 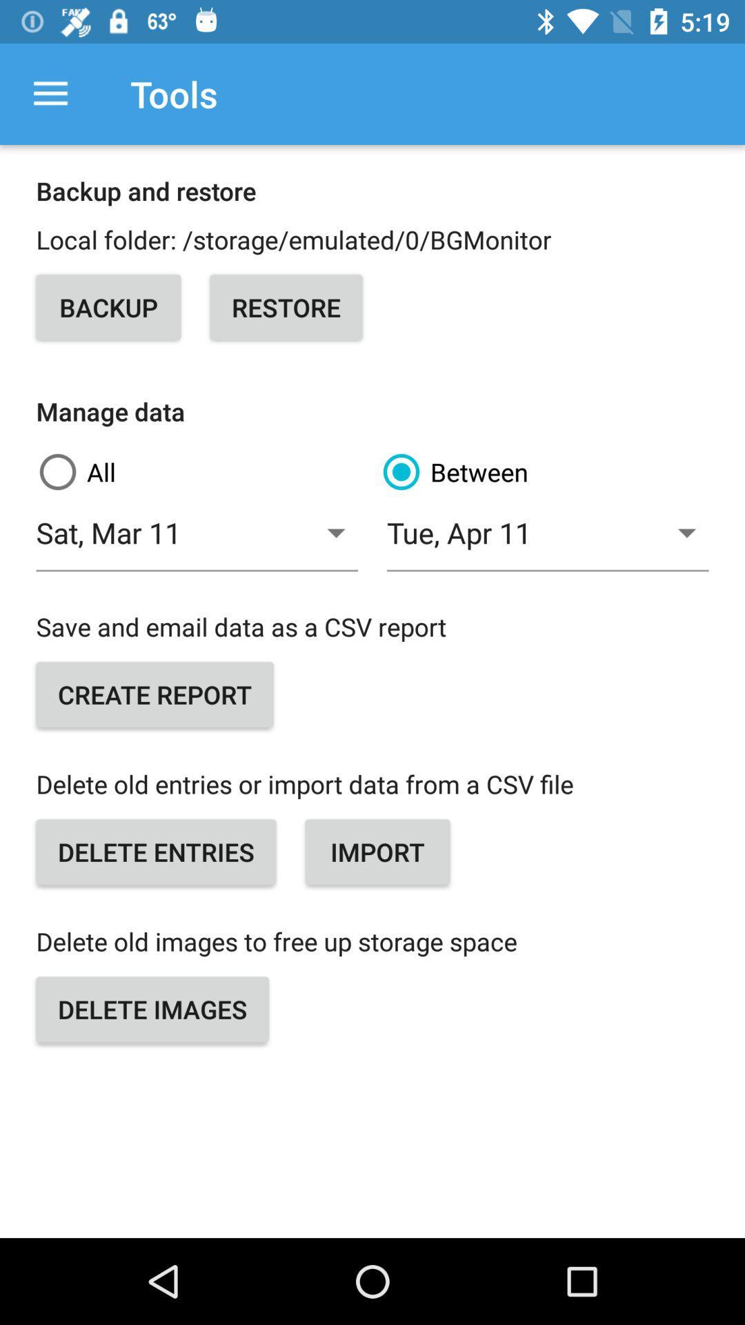 I want to click on icon above the save and email icon, so click(x=197, y=540).